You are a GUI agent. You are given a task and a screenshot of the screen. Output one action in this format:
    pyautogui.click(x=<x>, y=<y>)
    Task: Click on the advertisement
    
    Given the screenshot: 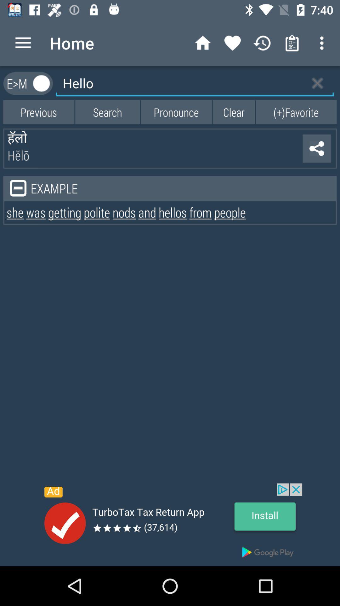 What is the action you would take?
    pyautogui.click(x=170, y=525)
    